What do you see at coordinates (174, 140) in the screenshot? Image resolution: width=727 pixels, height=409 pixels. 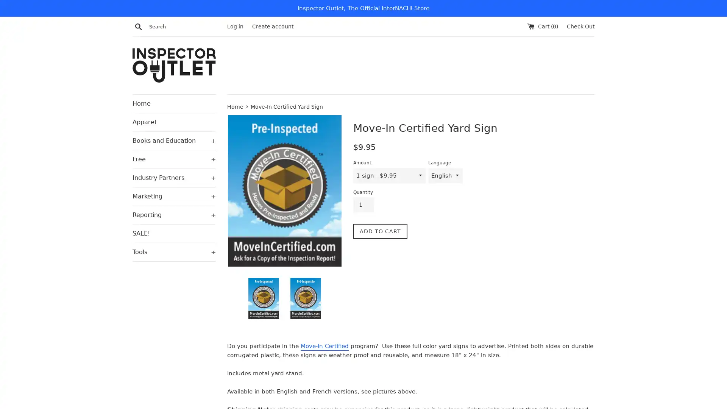 I see `Books and Education +` at bounding box center [174, 140].